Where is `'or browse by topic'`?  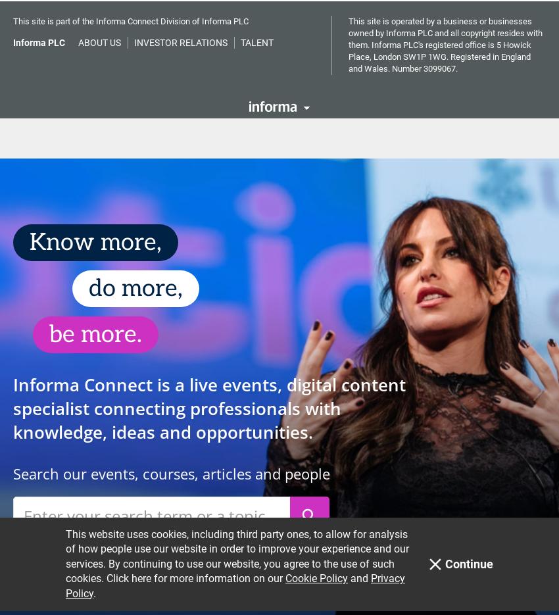
'or browse by topic' is located at coordinates (74, 536).